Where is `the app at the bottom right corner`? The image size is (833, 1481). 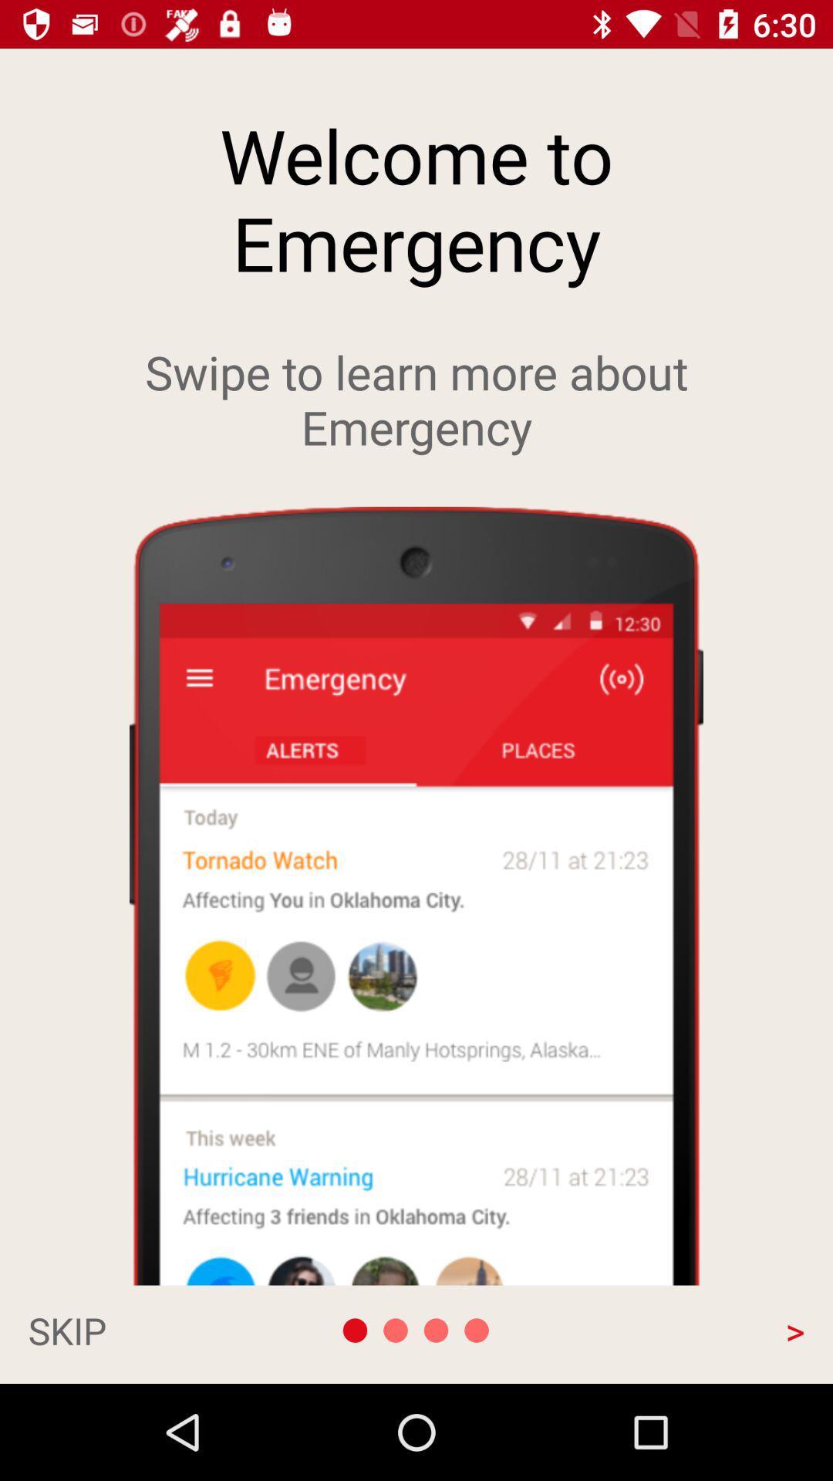 the app at the bottom right corner is located at coordinates (687, 1329).